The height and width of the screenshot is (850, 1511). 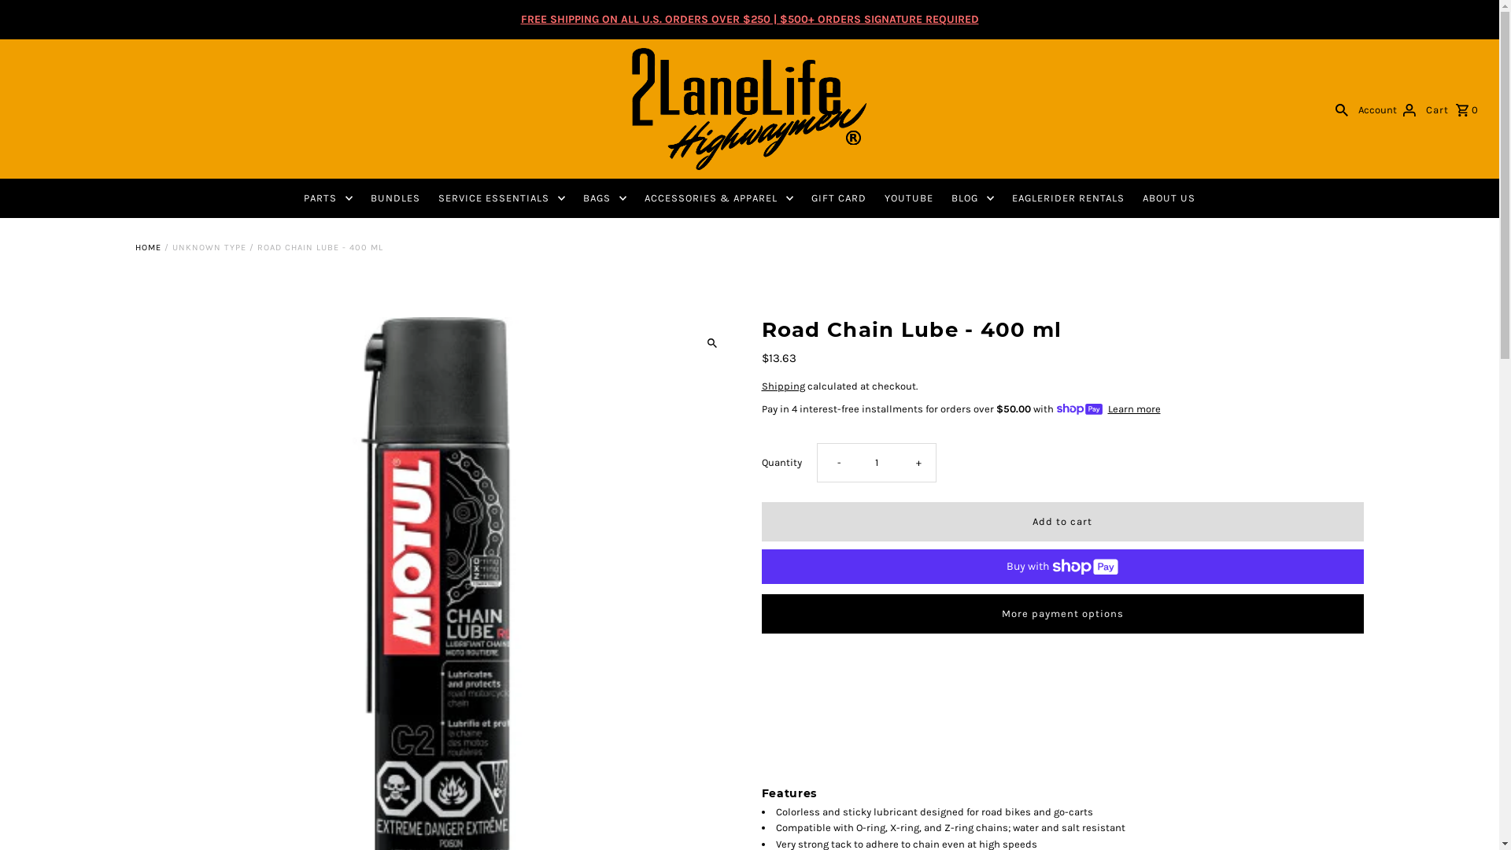 I want to click on 'YOUTUBE', so click(x=909, y=197).